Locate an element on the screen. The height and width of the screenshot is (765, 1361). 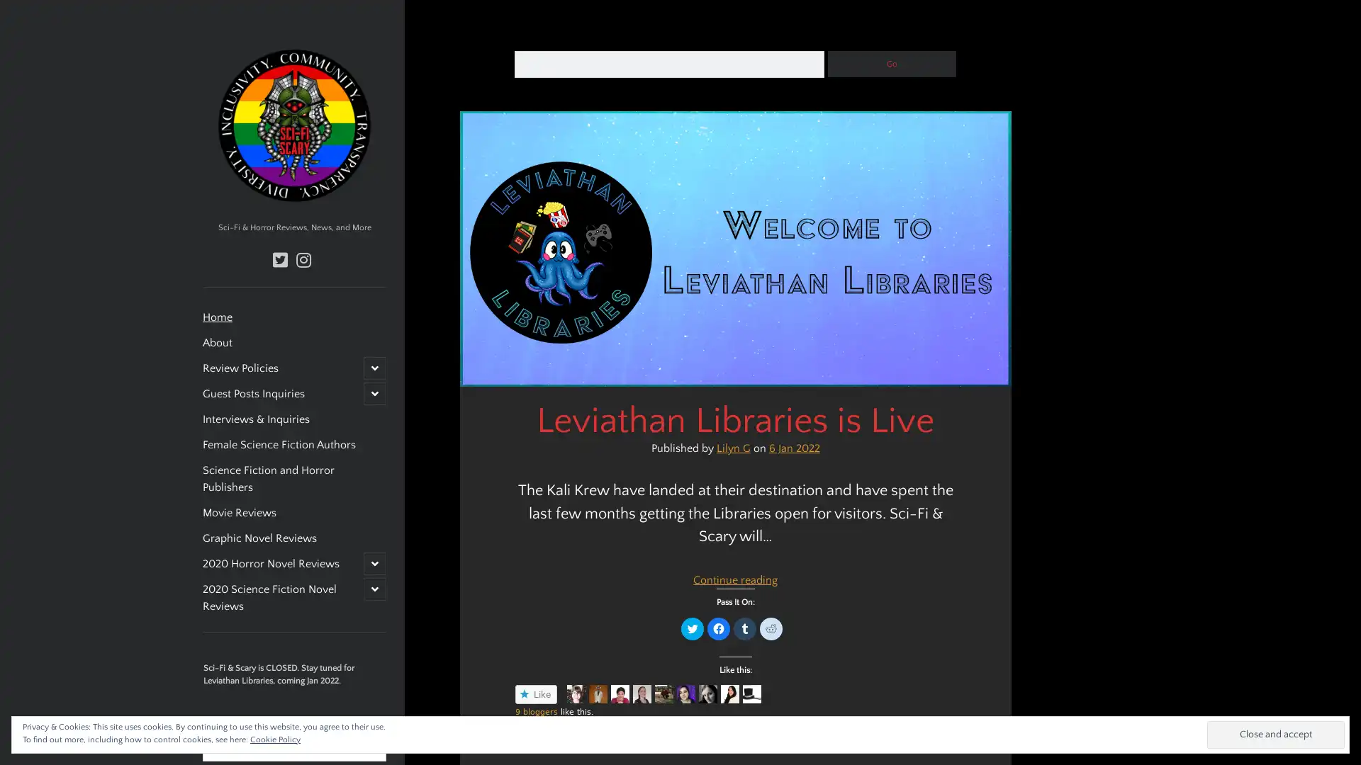
open child menu is located at coordinates (374, 368).